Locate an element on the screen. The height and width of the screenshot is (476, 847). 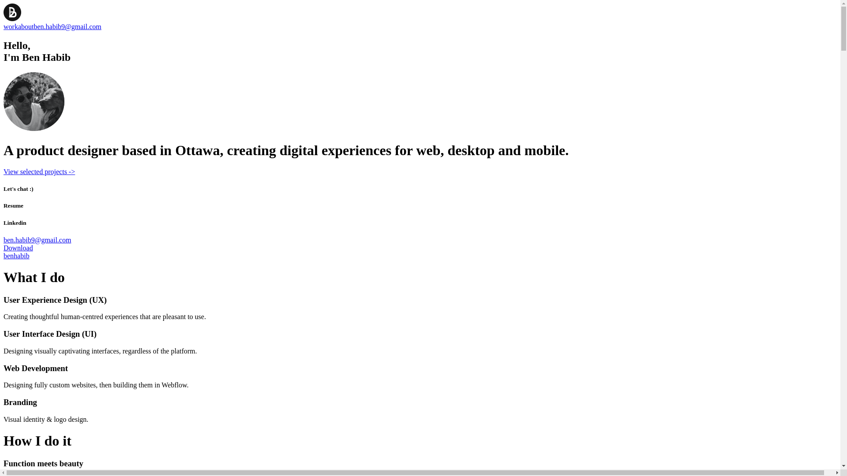
'ben.habib9@gmail.com' is located at coordinates (4, 240).